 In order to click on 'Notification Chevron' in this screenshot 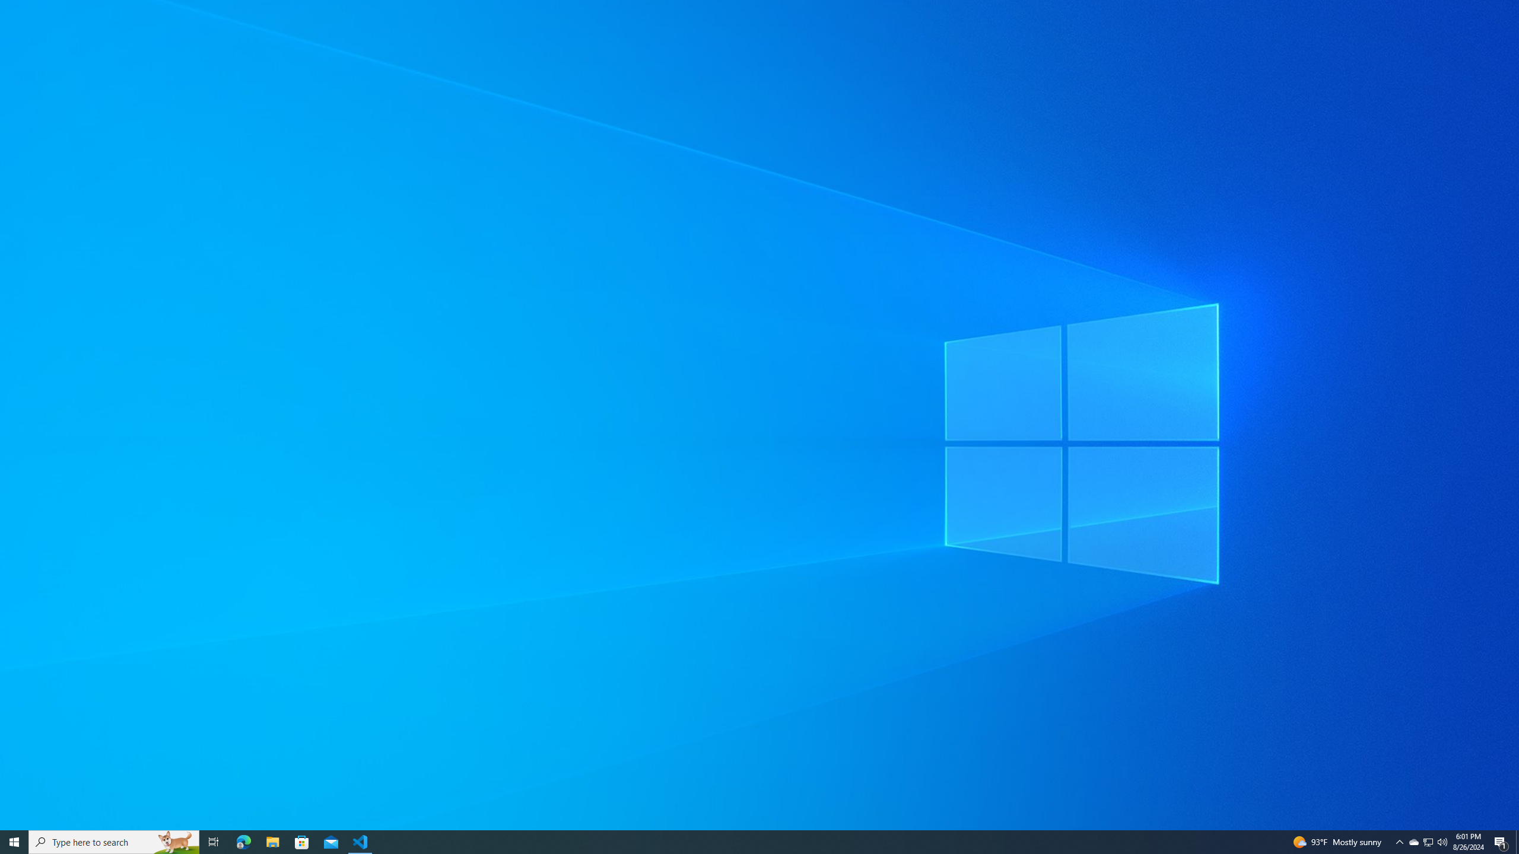, I will do `click(1413, 841)`.